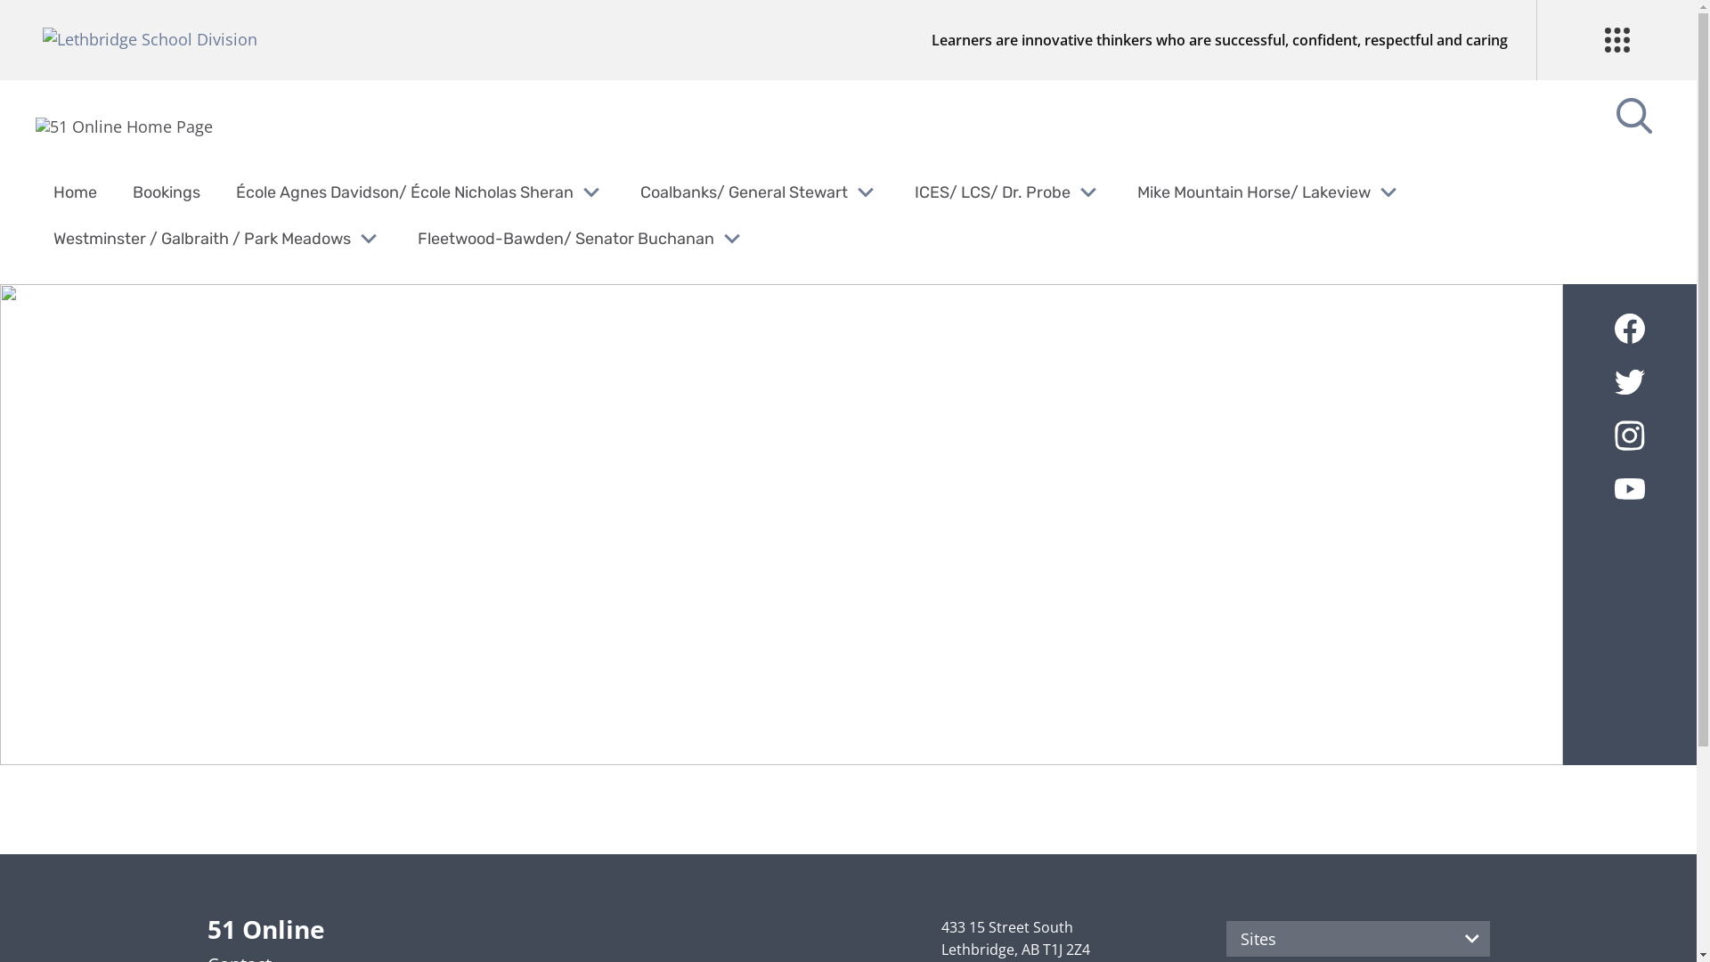  I want to click on '51 Online's Facebook', so click(1629, 329).